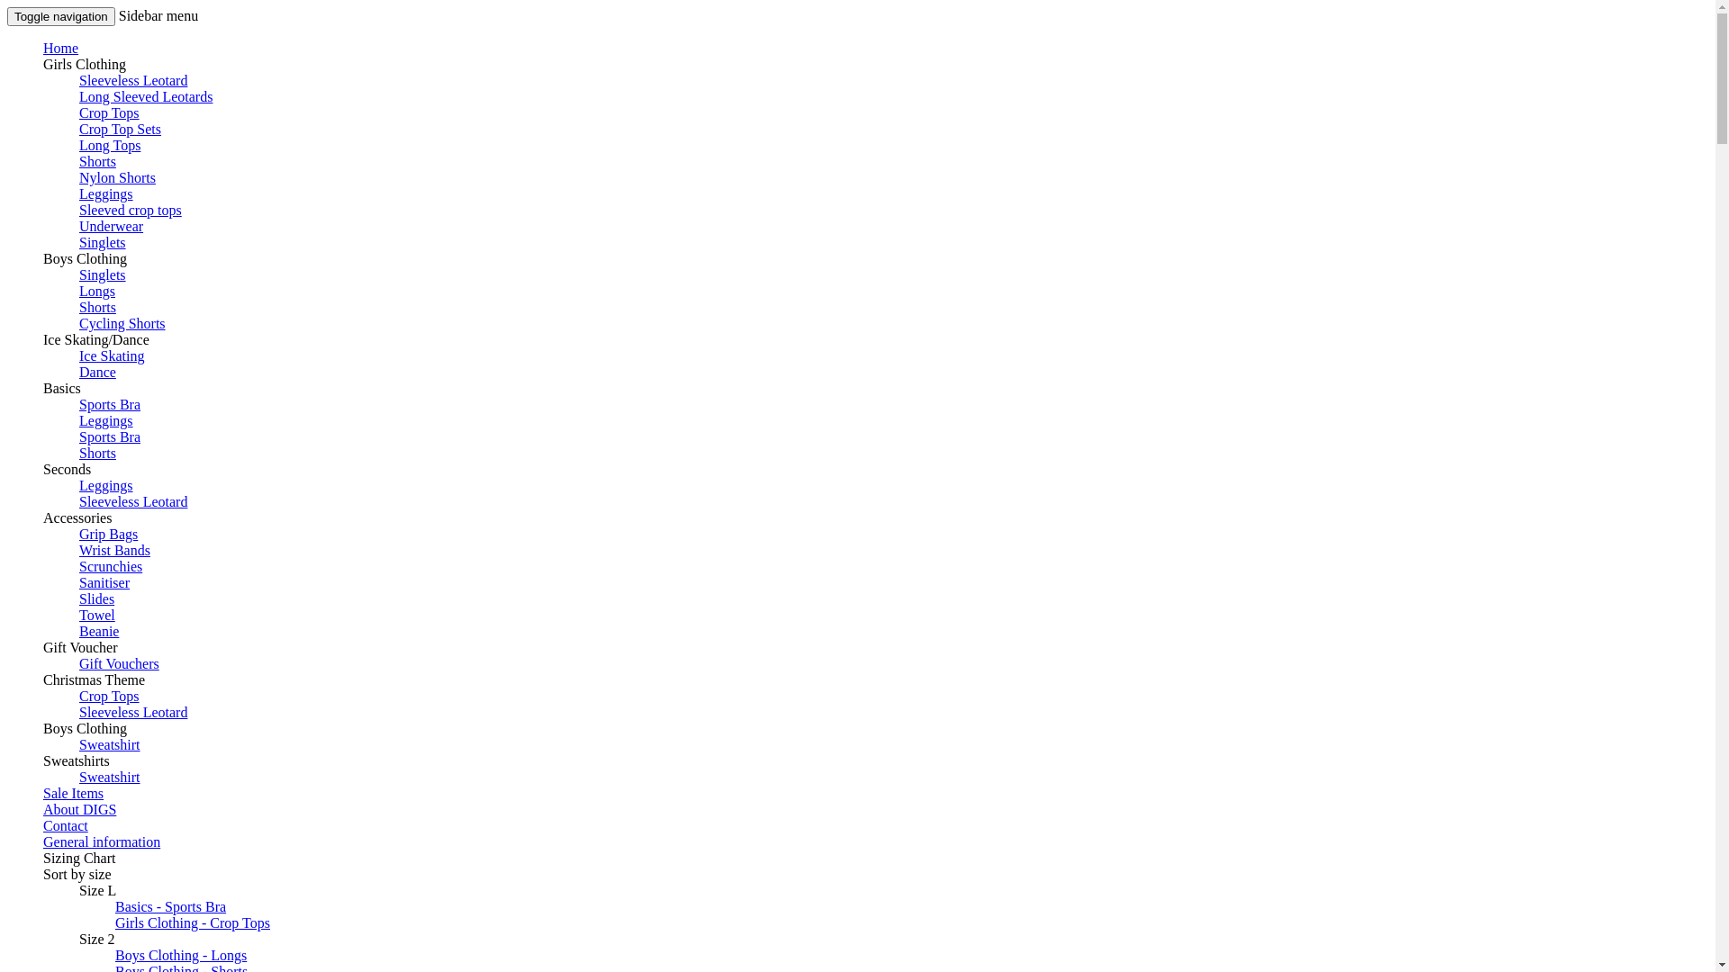  I want to click on 'Sort by size', so click(77, 873).